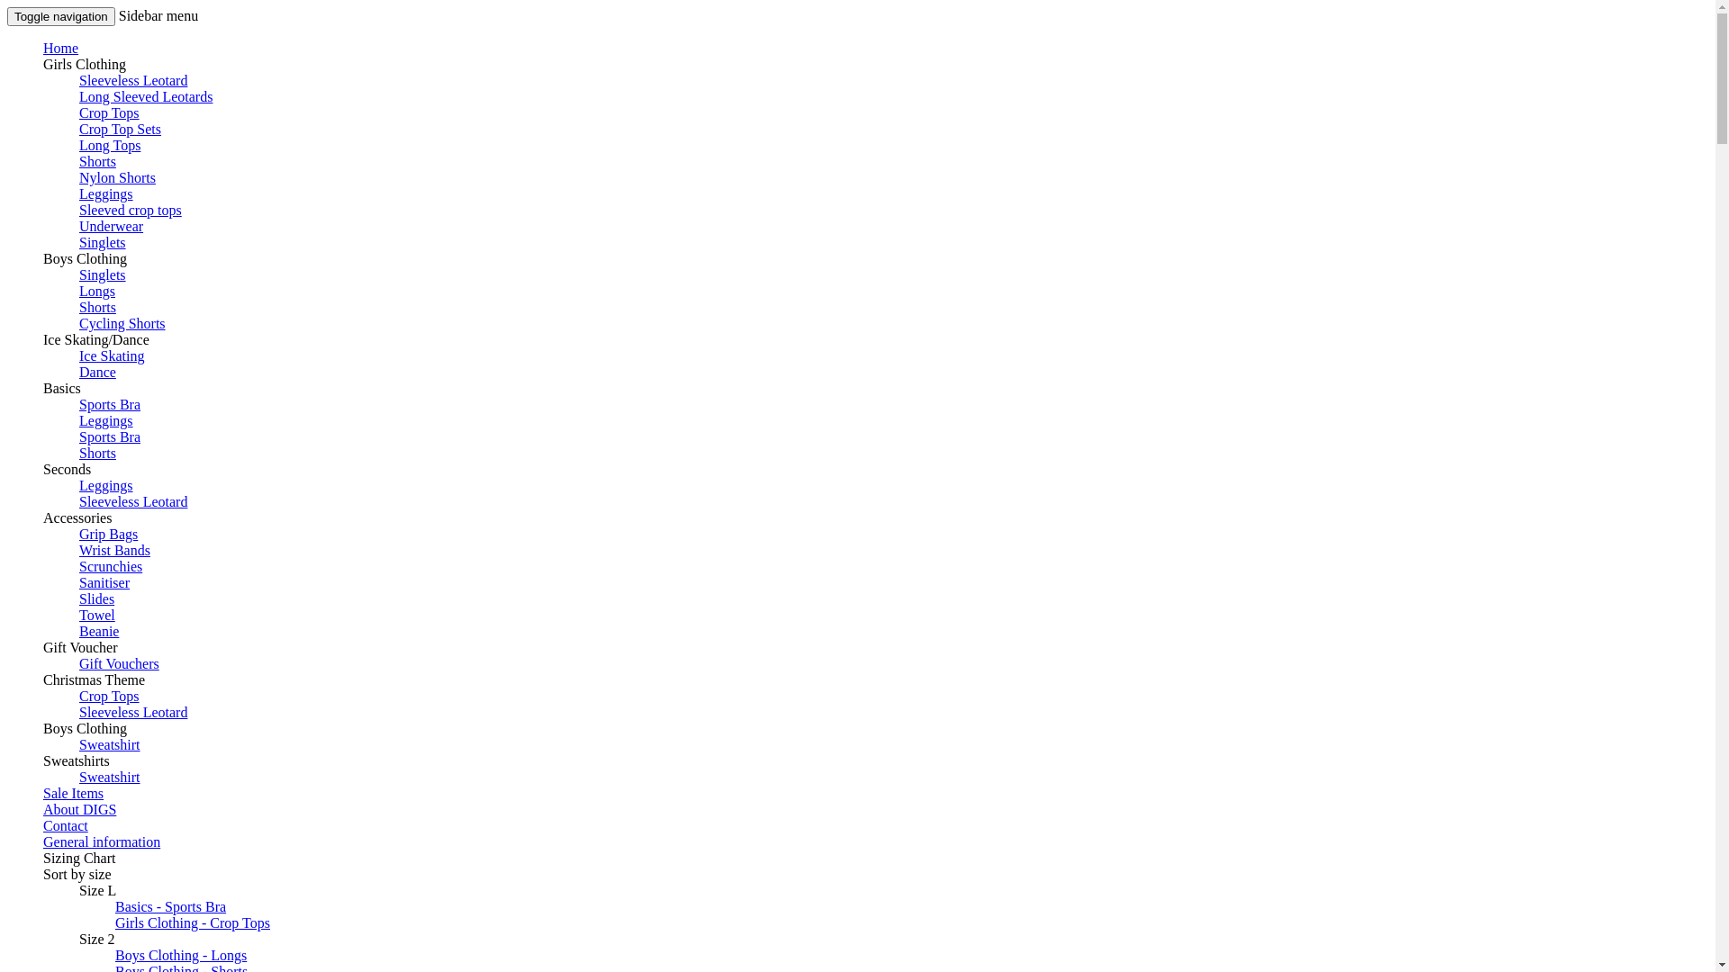  I want to click on 'Sort by size', so click(77, 873).